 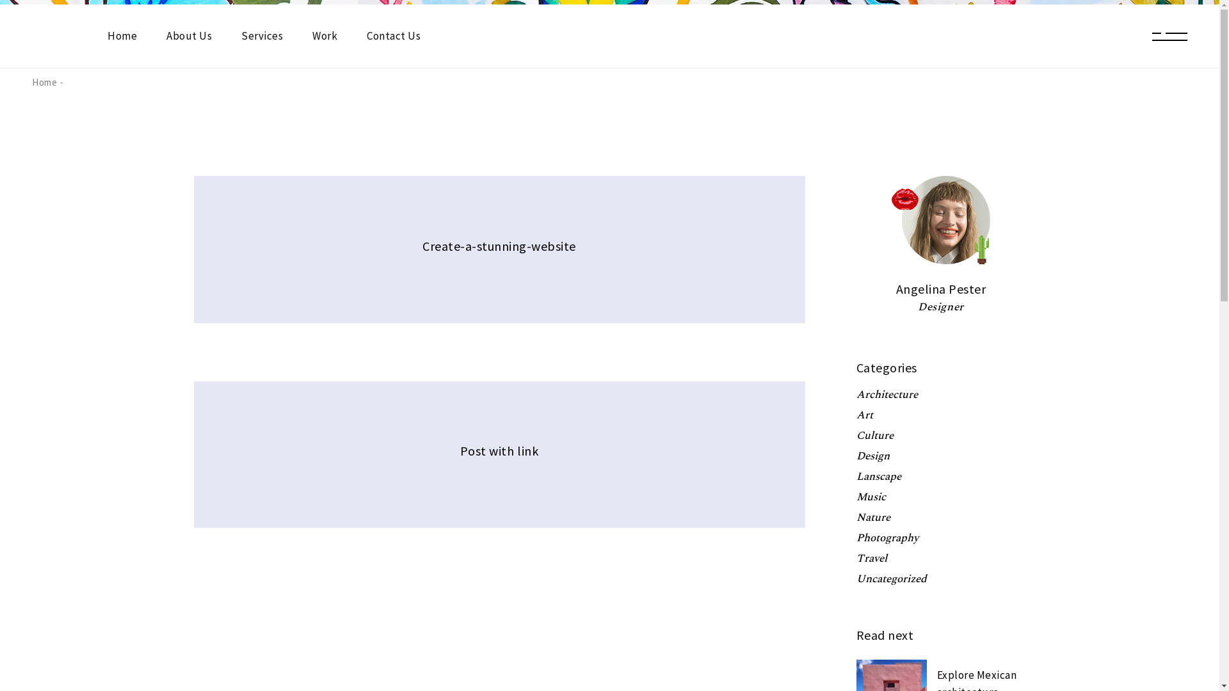 What do you see at coordinates (263, 525) in the screenshot?
I see `'Fb.'` at bounding box center [263, 525].